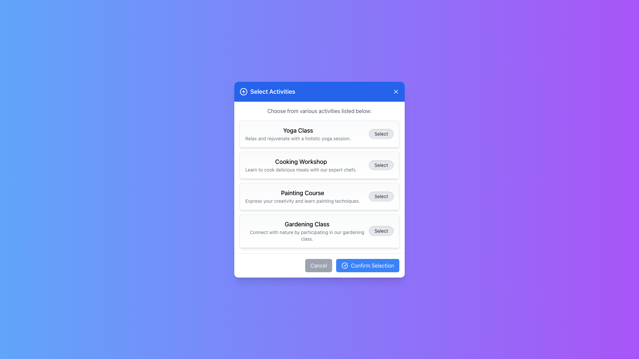  Describe the element at coordinates (319, 165) in the screenshot. I see `information provided on the 'Cooking Workshop' card, which is the second card in the 'Select Activities' dialog box, located below the 'Yoga Class' card` at that location.